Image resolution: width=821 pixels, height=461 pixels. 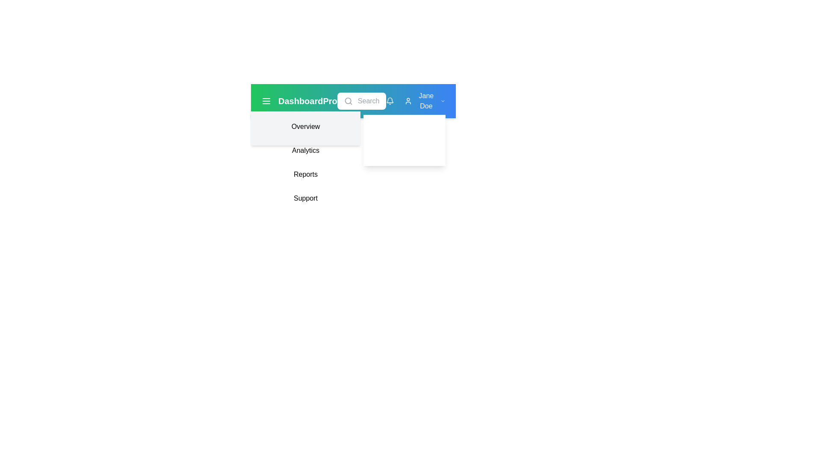 I want to click on the search icon located in the top navigation bar, positioned to the left of the profile-related icons and to the right of the logo, so click(x=348, y=100).